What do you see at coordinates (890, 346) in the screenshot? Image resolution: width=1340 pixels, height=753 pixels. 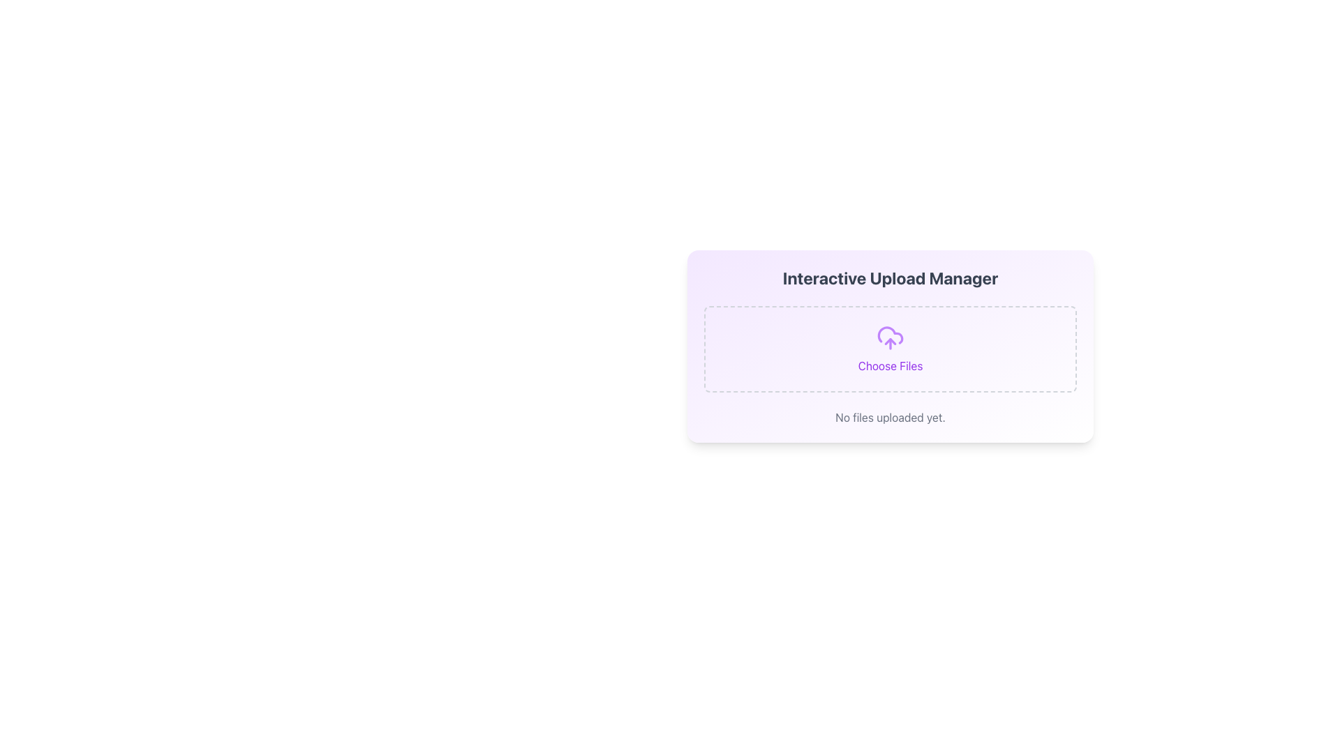 I see `the 'Choose Files' section of the Interactive Component with Upload Functionality` at bounding box center [890, 346].